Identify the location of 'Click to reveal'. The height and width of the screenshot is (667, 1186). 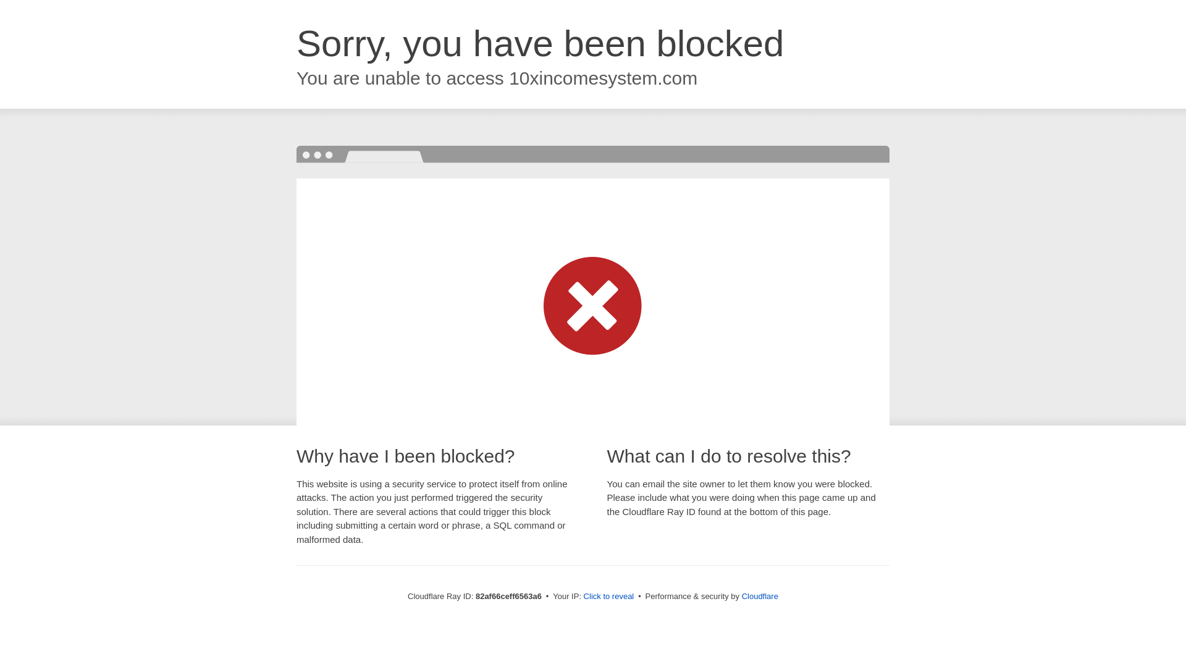
(608, 595).